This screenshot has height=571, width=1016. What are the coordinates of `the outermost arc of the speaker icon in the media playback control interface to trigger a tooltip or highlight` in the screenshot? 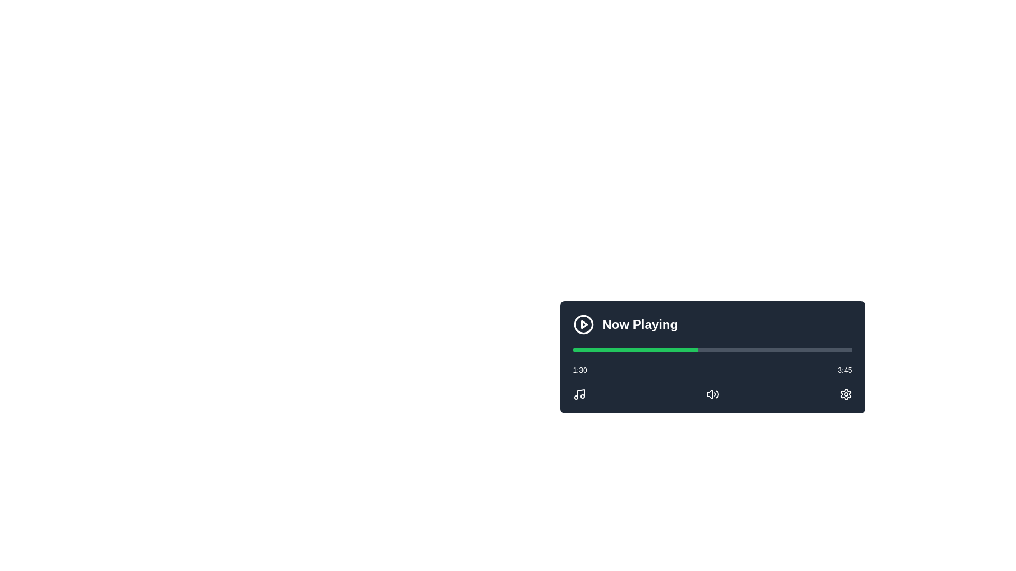 It's located at (717, 394).